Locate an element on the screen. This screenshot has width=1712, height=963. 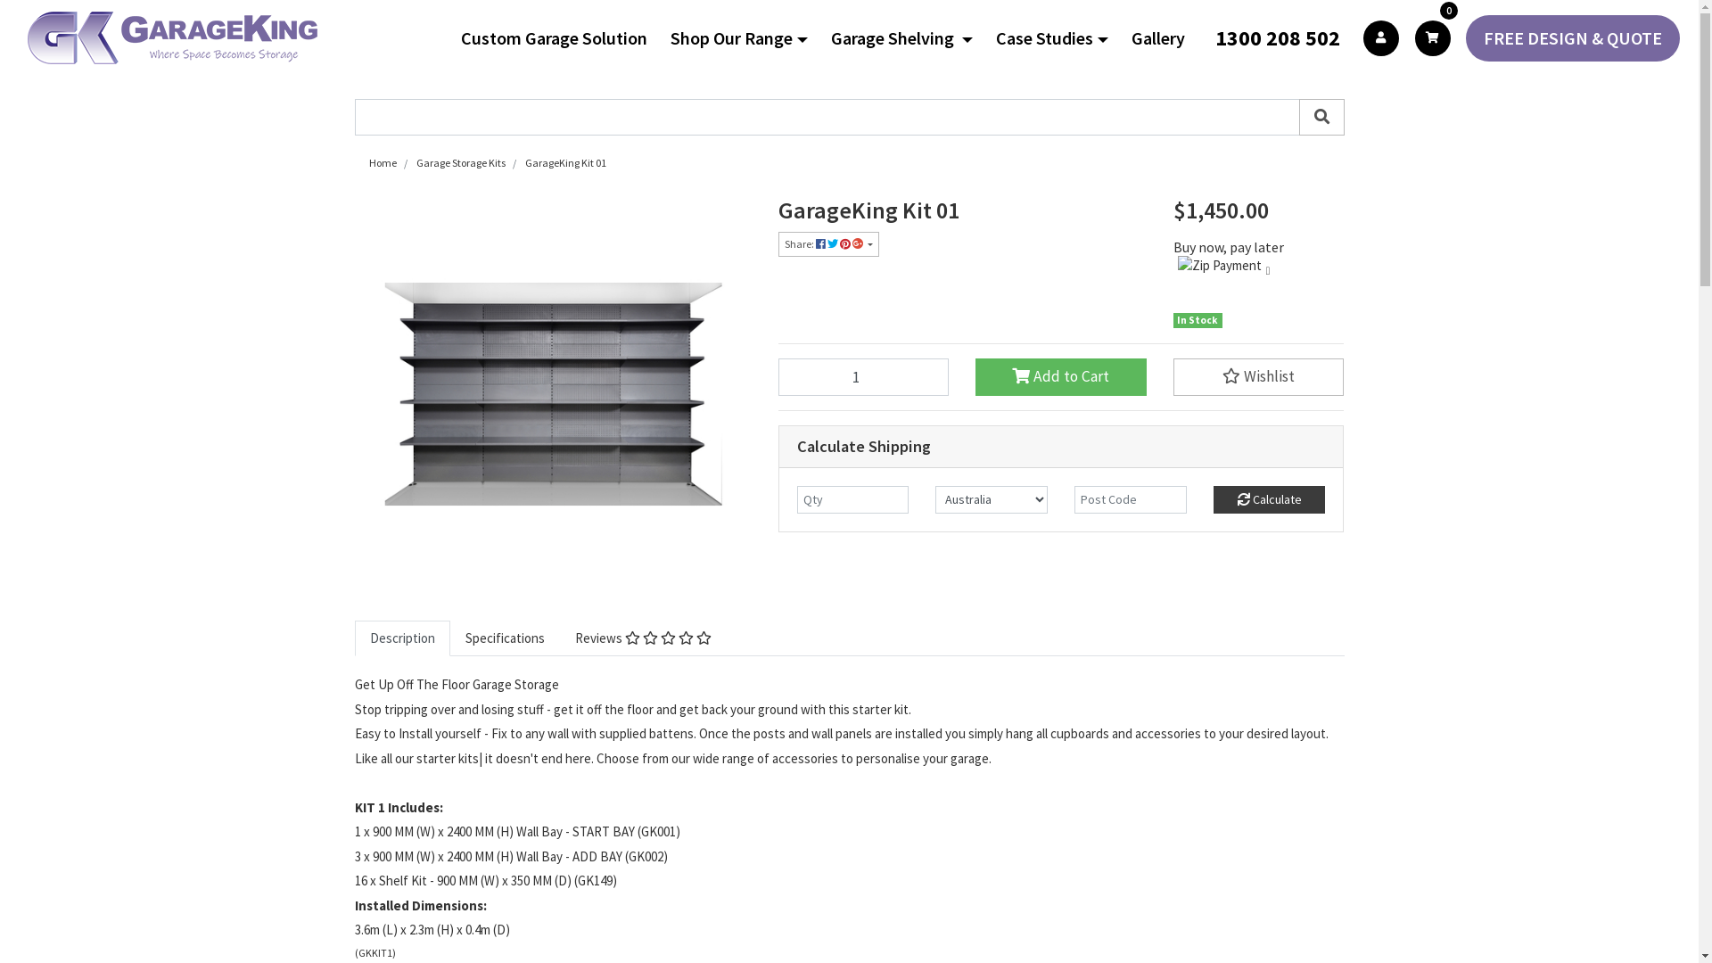
'Custom Garage Solution' is located at coordinates (560, 37).